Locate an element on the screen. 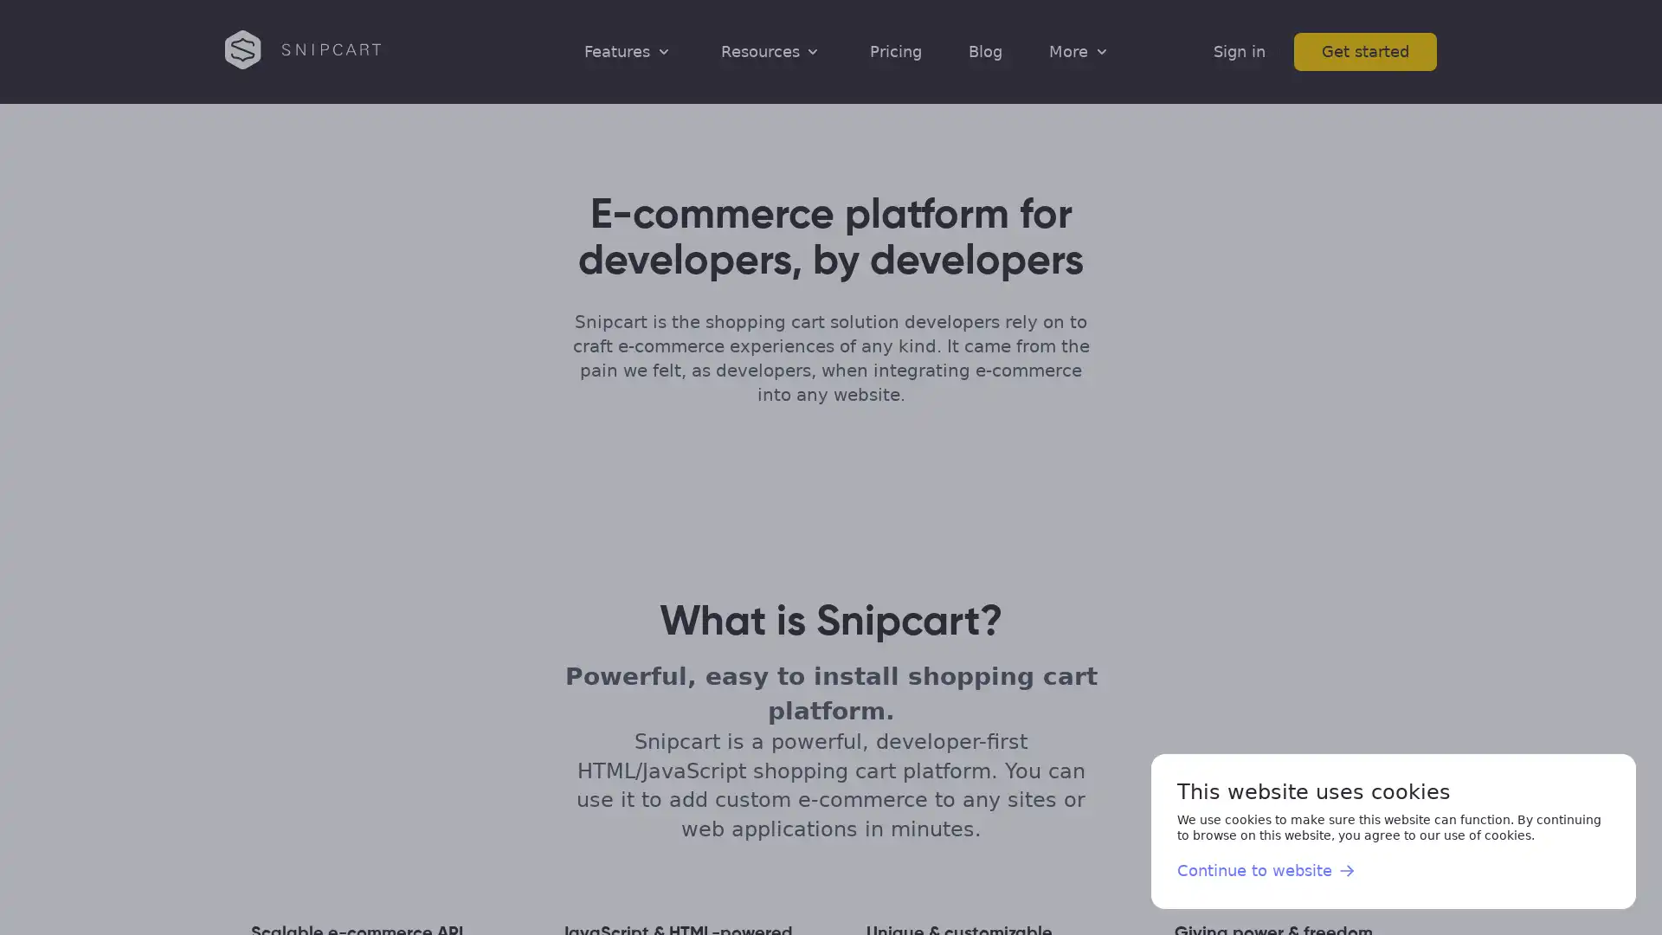  Resources is located at coordinates (770, 50).